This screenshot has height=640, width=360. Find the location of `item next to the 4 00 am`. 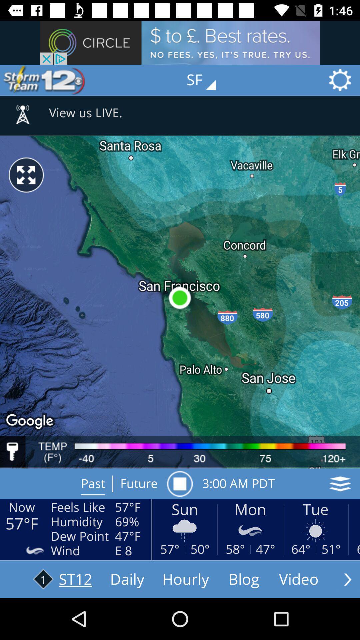

item next to the 4 00 am is located at coordinates (179, 484).